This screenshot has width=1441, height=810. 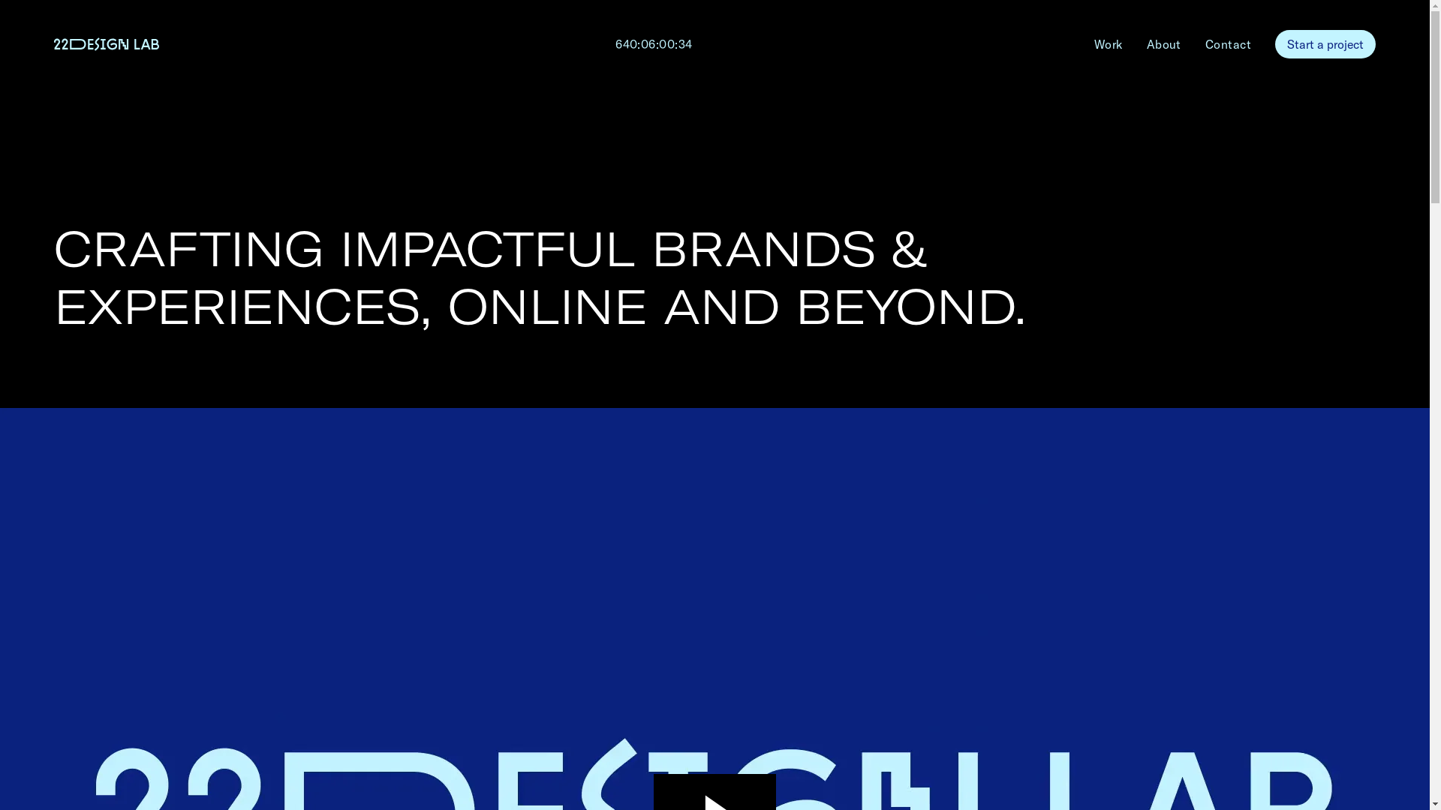 What do you see at coordinates (1163, 43) in the screenshot?
I see `'About'` at bounding box center [1163, 43].